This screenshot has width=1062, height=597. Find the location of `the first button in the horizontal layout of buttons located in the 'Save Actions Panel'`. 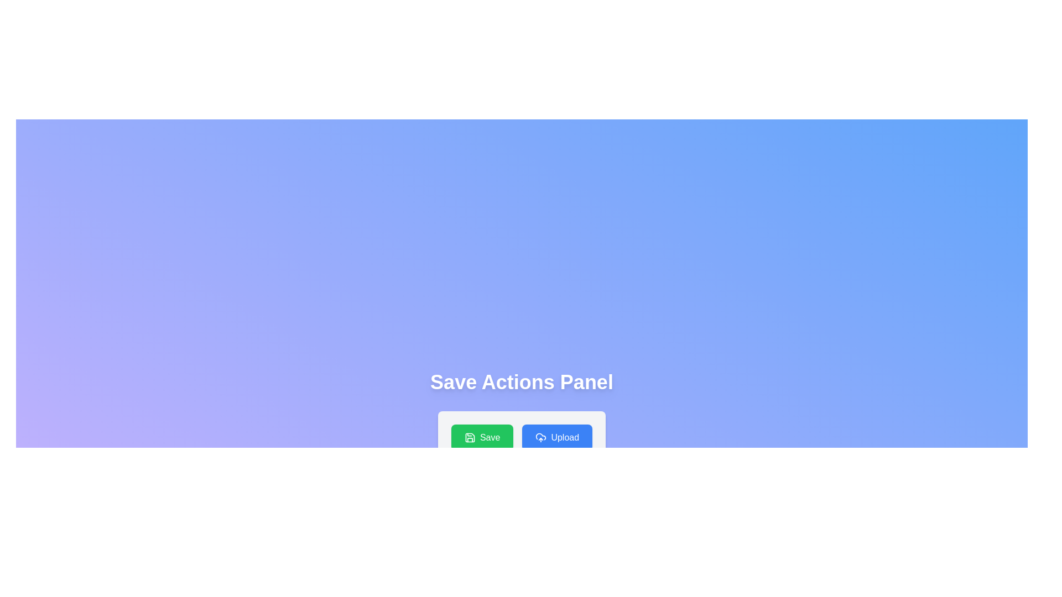

the first button in the horizontal layout of buttons located in the 'Save Actions Panel' is located at coordinates (482, 437).